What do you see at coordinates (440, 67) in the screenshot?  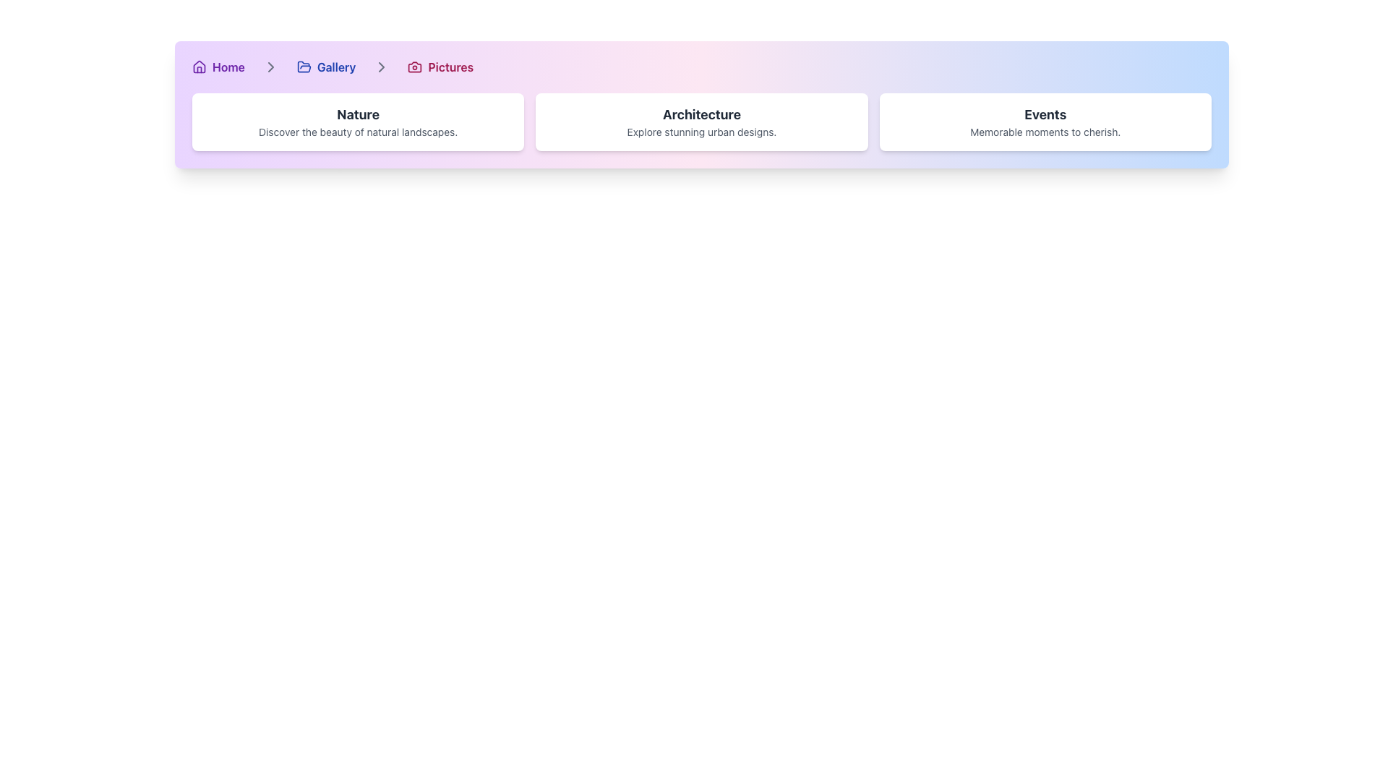 I see `the 'Pictures' breadcrumb link, which is the fifth item in the navigation bar styled with a bold pink font and a camera icon` at bounding box center [440, 67].